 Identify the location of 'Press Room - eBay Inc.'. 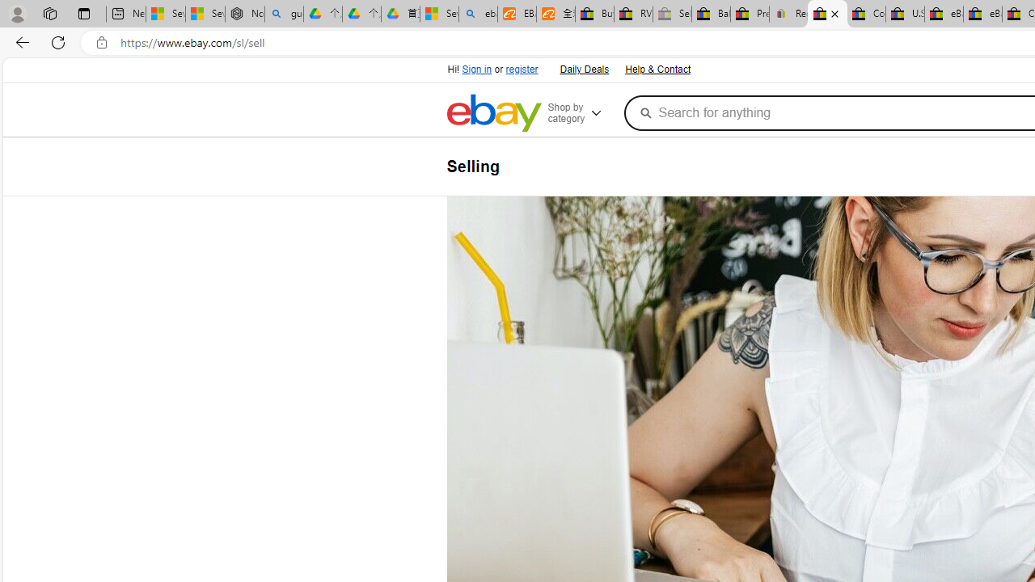
(749, 14).